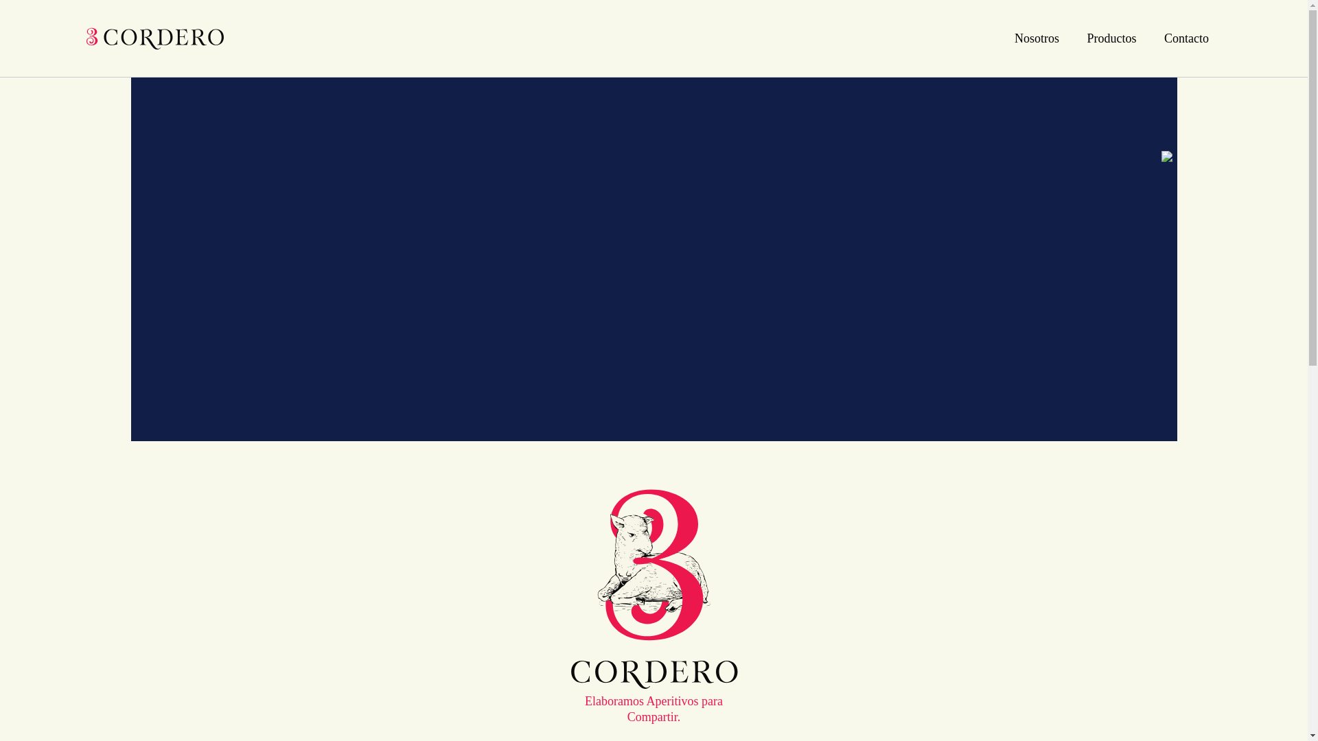  Describe the element at coordinates (1186, 38) in the screenshot. I see `'Contacto'` at that location.